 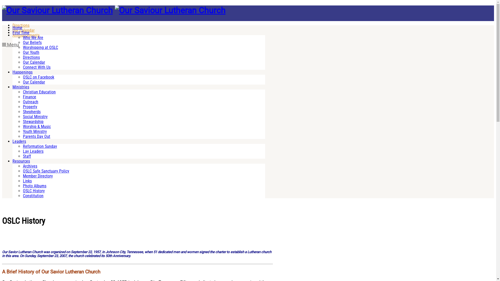 What do you see at coordinates (57, 10) in the screenshot?
I see `'Our Saviour Lutheran Church'` at bounding box center [57, 10].